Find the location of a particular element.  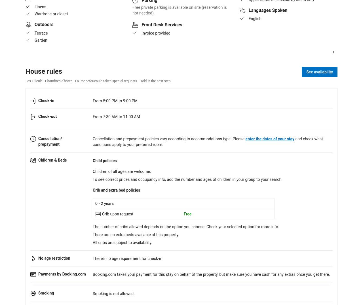

'No age restriction' is located at coordinates (54, 257).